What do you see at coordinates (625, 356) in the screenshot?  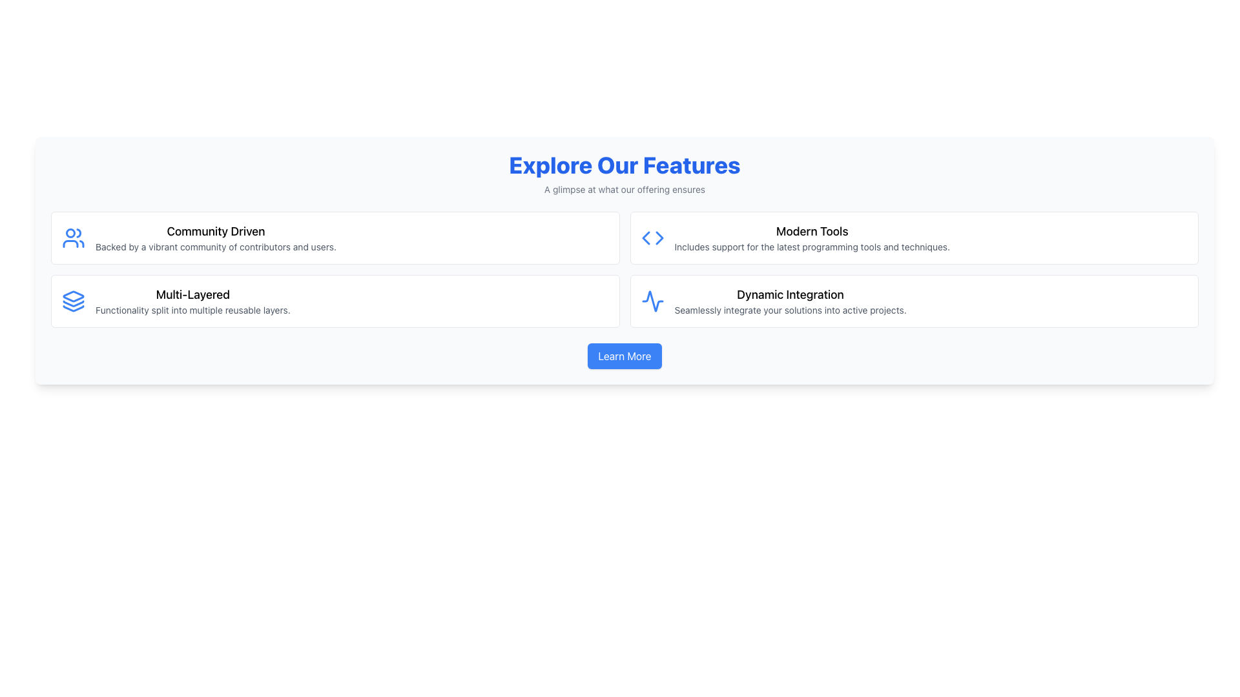 I see `the 'Explore Our Features' button located at the bottom center of the card-like section to observe a style change` at bounding box center [625, 356].